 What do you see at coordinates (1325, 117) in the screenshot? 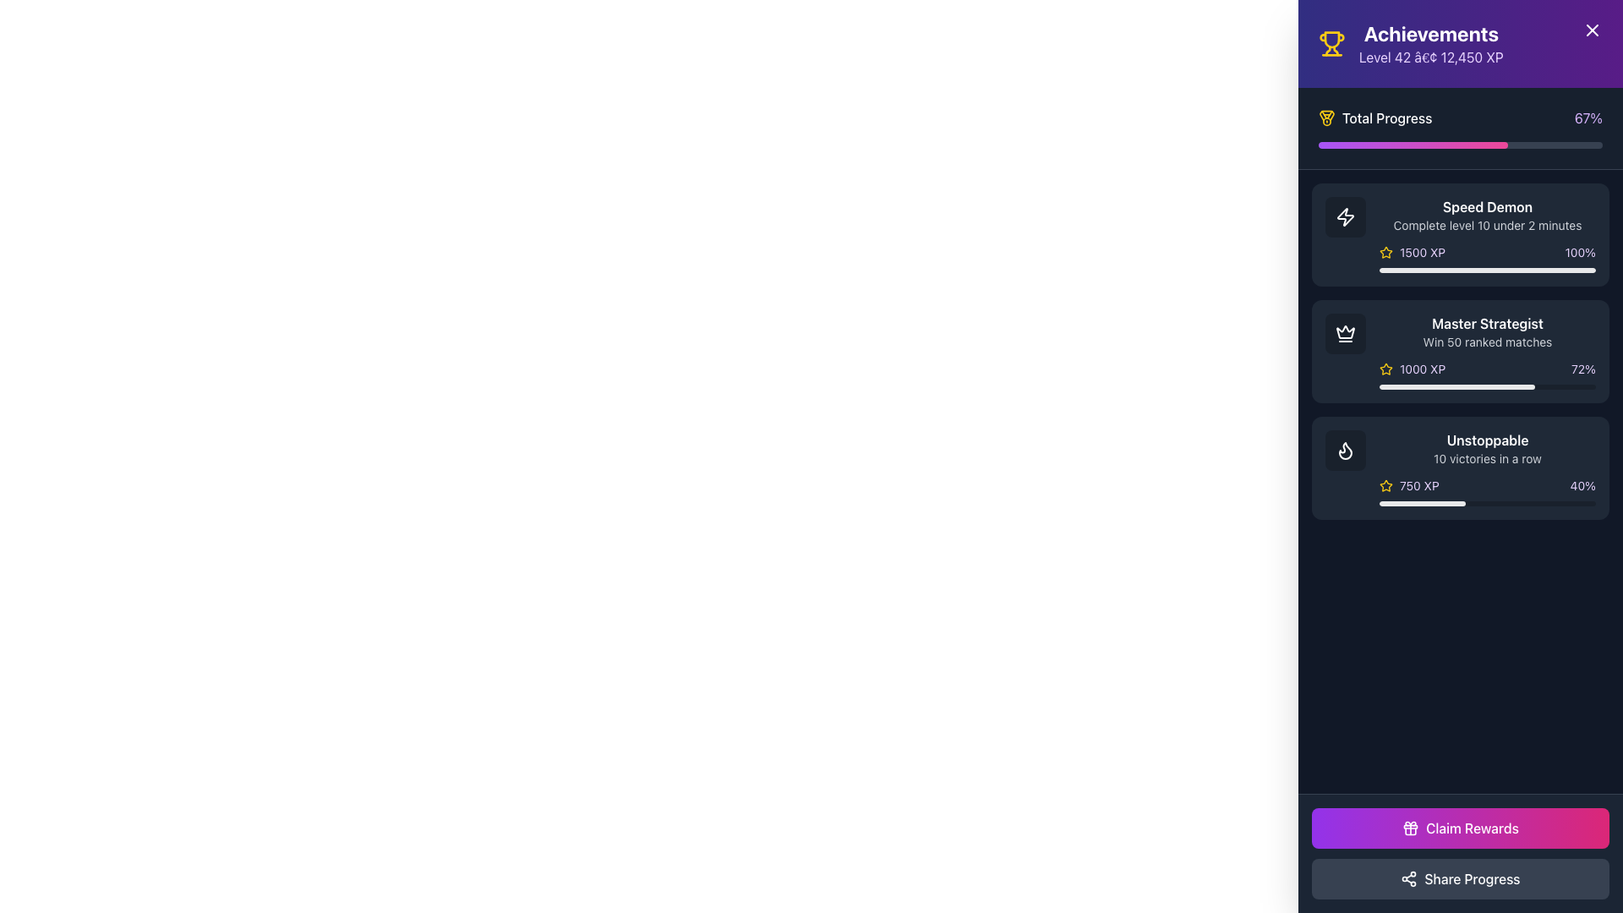
I see `the yellow medal icon located to the left of the 'Total Progress' text in the 'Achievements' panel` at bounding box center [1325, 117].